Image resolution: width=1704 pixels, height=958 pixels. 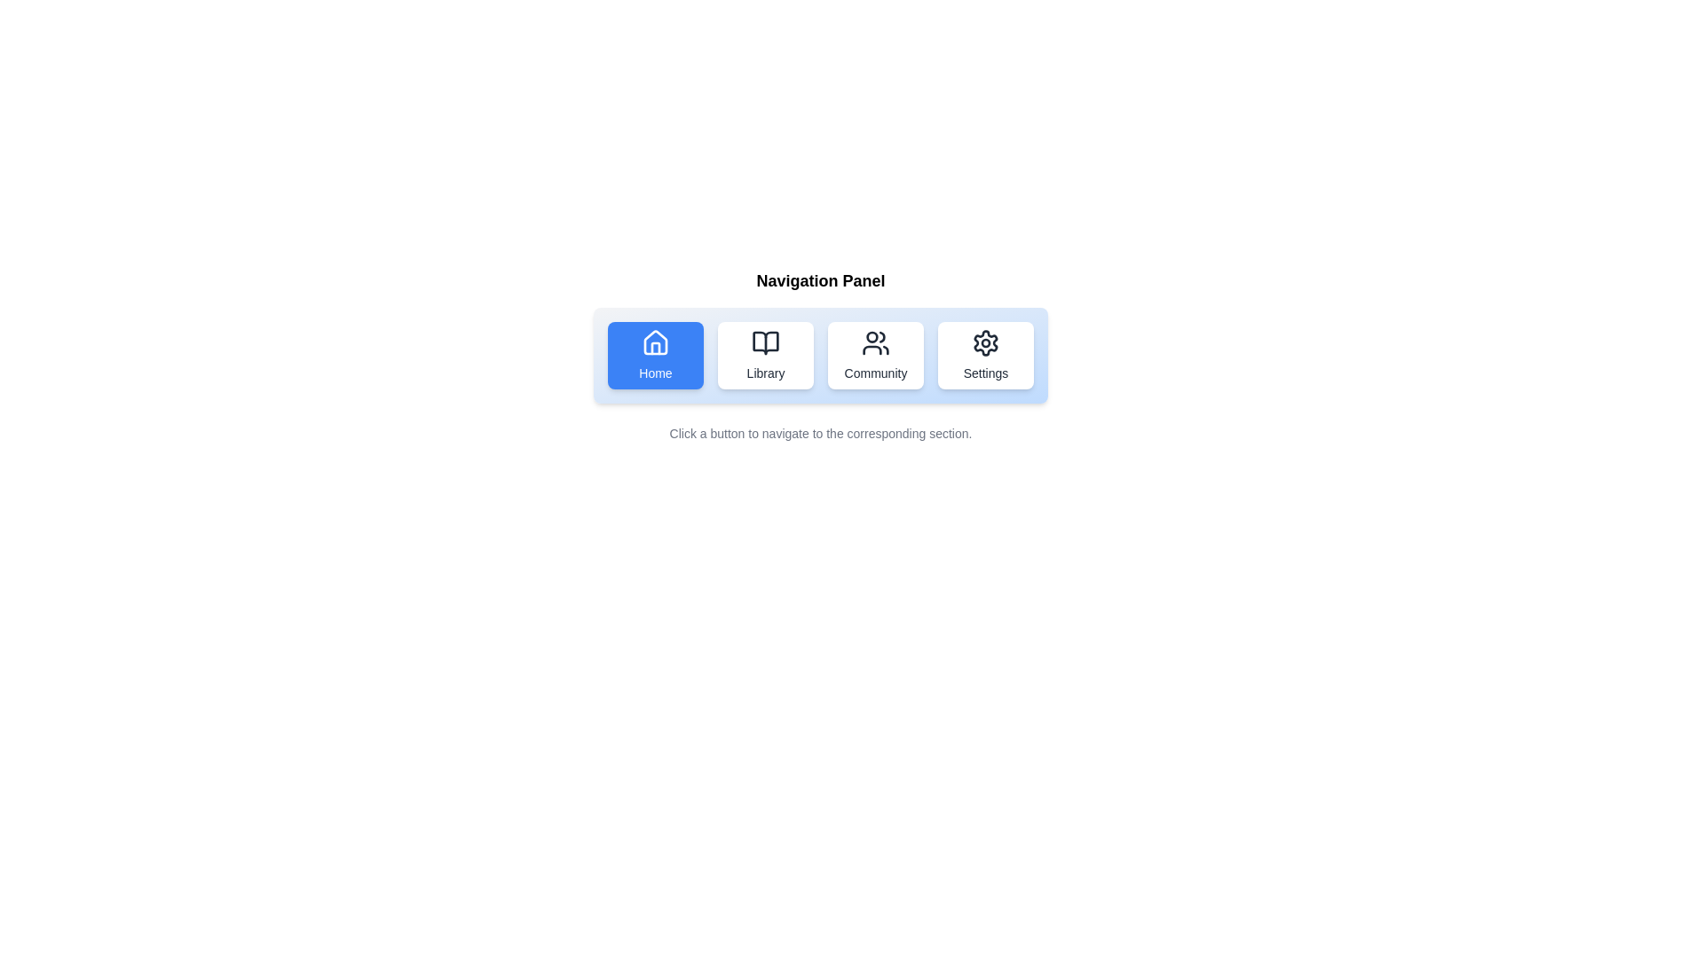 I want to click on the 'Navigation Panel' label, which is a bold, large font text element centrally aligned above the navigation buttons, so click(x=820, y=279).